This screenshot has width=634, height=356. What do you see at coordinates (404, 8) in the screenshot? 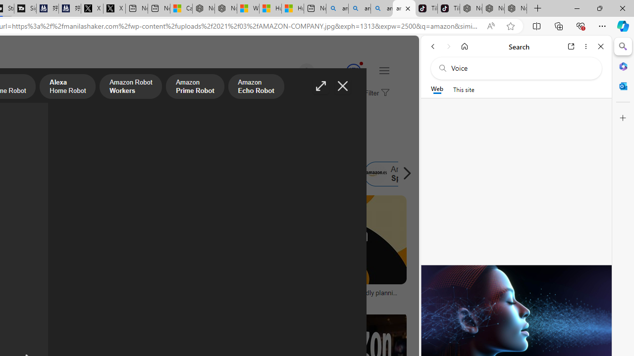
I see `'amazon - Search Images'` at bounding box center [404, 8].